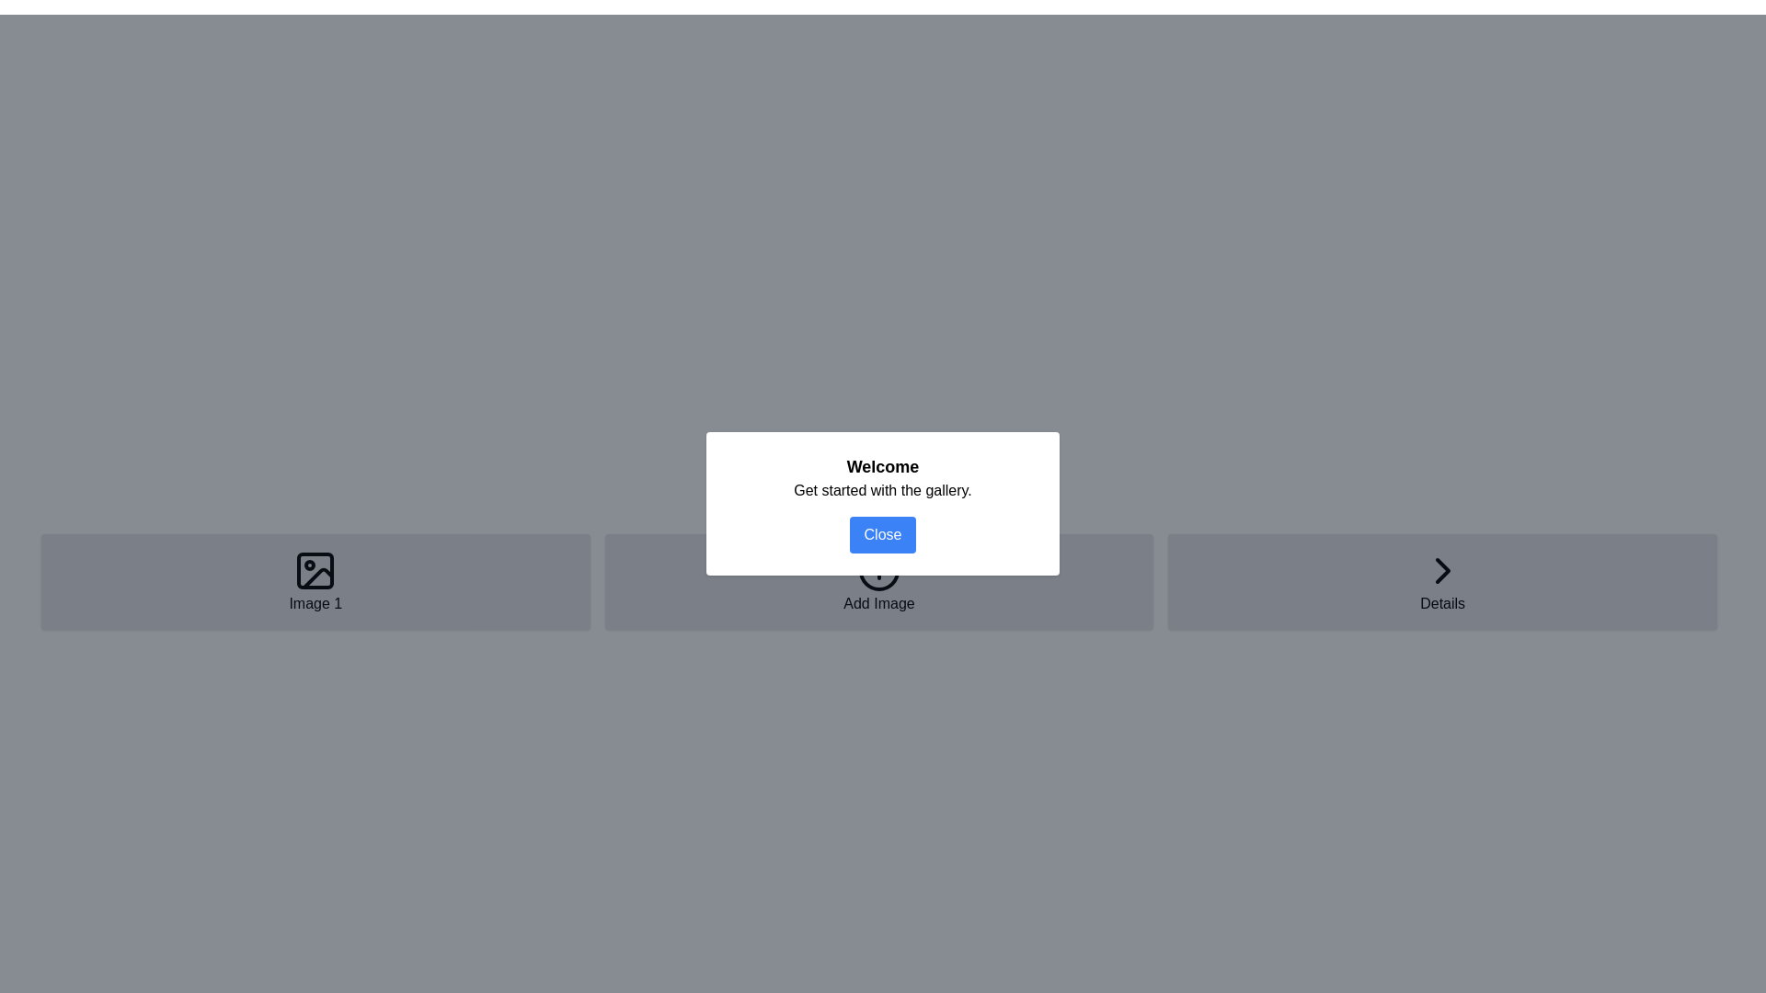 The image size is (1766, 993). Describe the element at coordinates (883, 489) in the screenshot. I see `the central static text within the modal popup, which is located below the heading 'Welcome' and above the 'Close' button` at that location.